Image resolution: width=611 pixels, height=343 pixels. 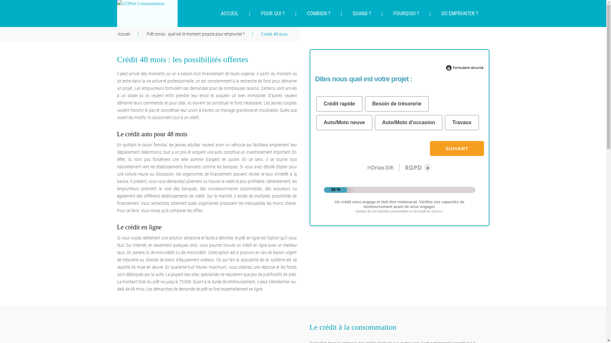 I want to click on 'ACCUEIL', so click(x=229, y=13).